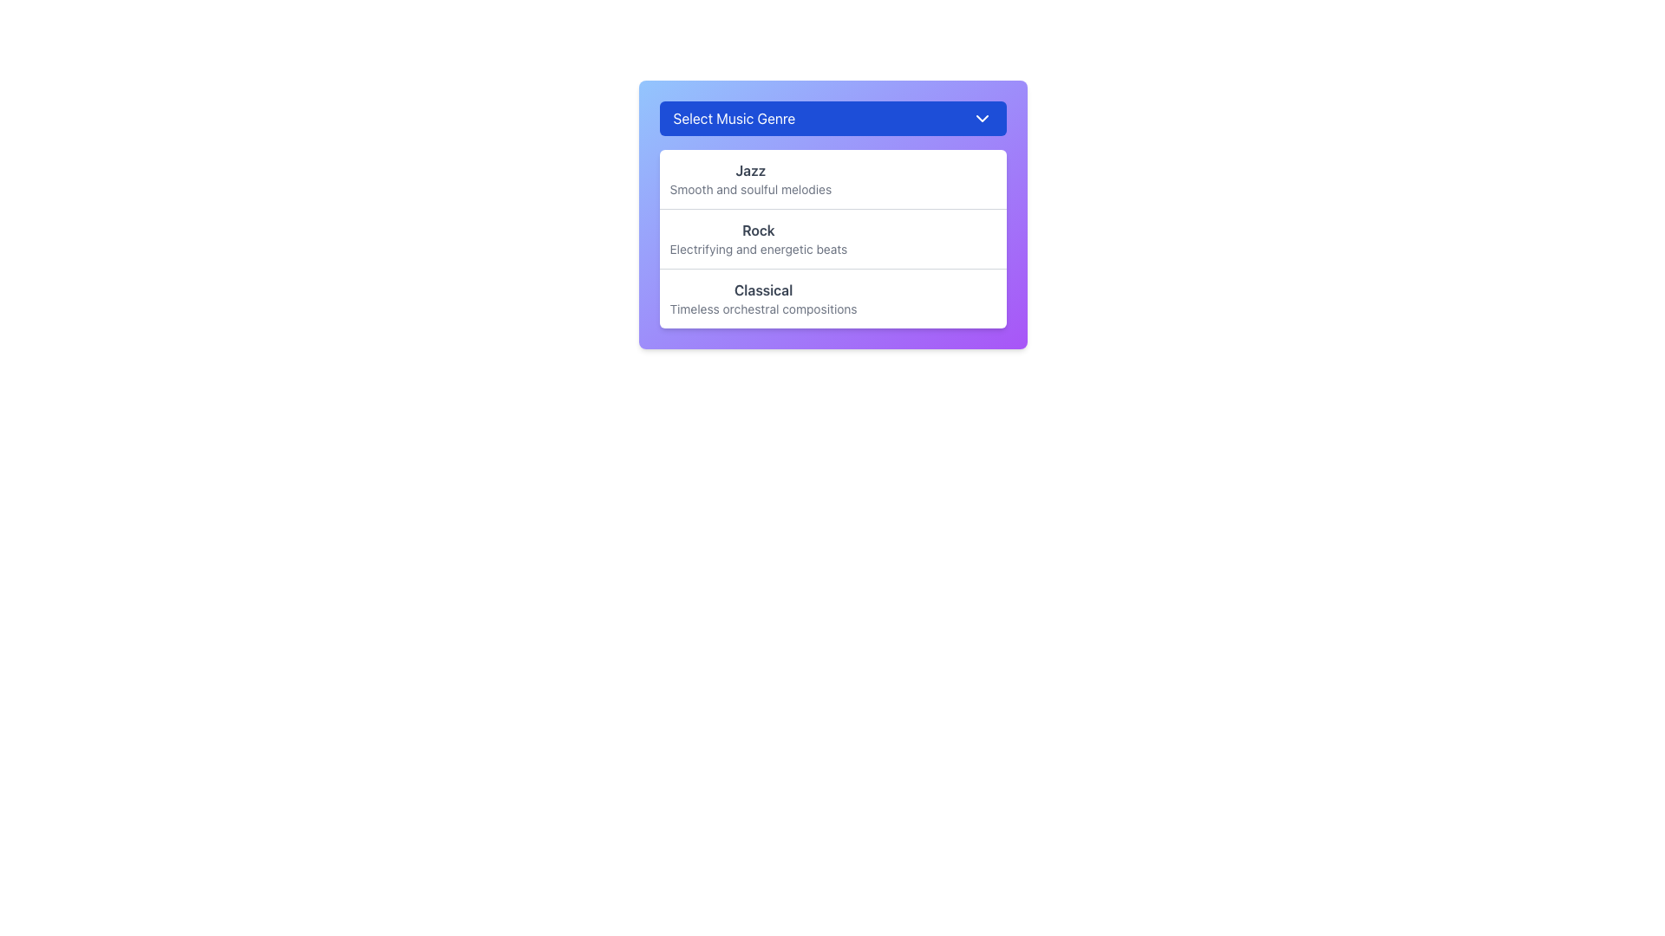 The height and width of the screenshot is (936, 1665). Describe the element at coordinates (763, 297) in the screenshot. I see `the 'Classical' option in the Select Music Genre dropdown menu` at that location.